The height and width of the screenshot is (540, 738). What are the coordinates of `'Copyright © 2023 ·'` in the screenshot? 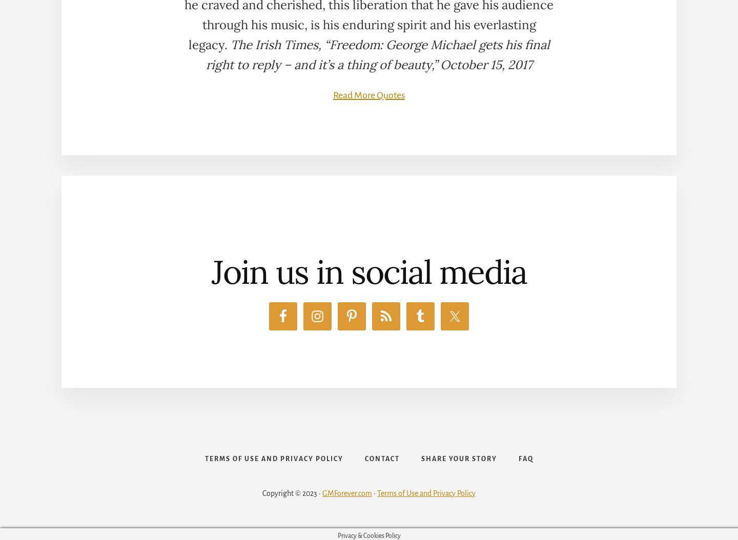 It's located at (292, 492).